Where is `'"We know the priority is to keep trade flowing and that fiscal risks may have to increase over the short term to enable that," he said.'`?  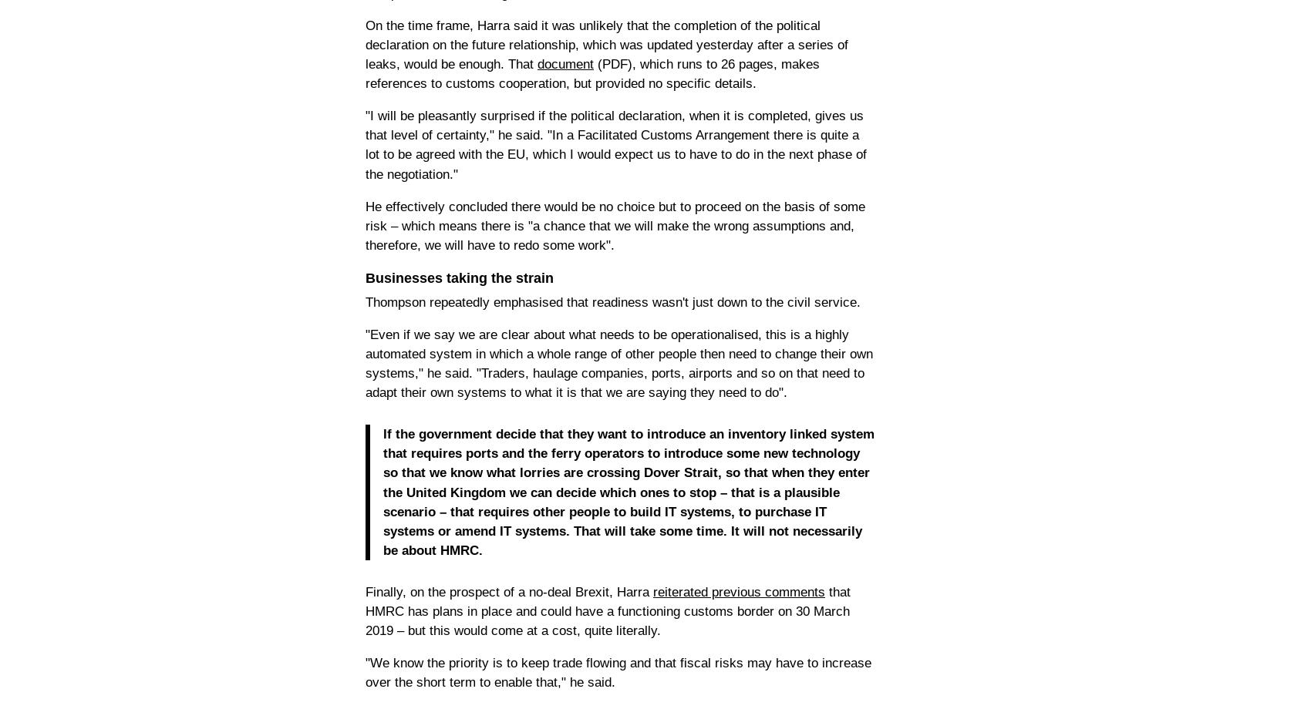 '"We know the priority is to keep trade flowing and that fiscal risks may have to increase over the short term to enable that," he said.' is located at coordinates (618, 671).